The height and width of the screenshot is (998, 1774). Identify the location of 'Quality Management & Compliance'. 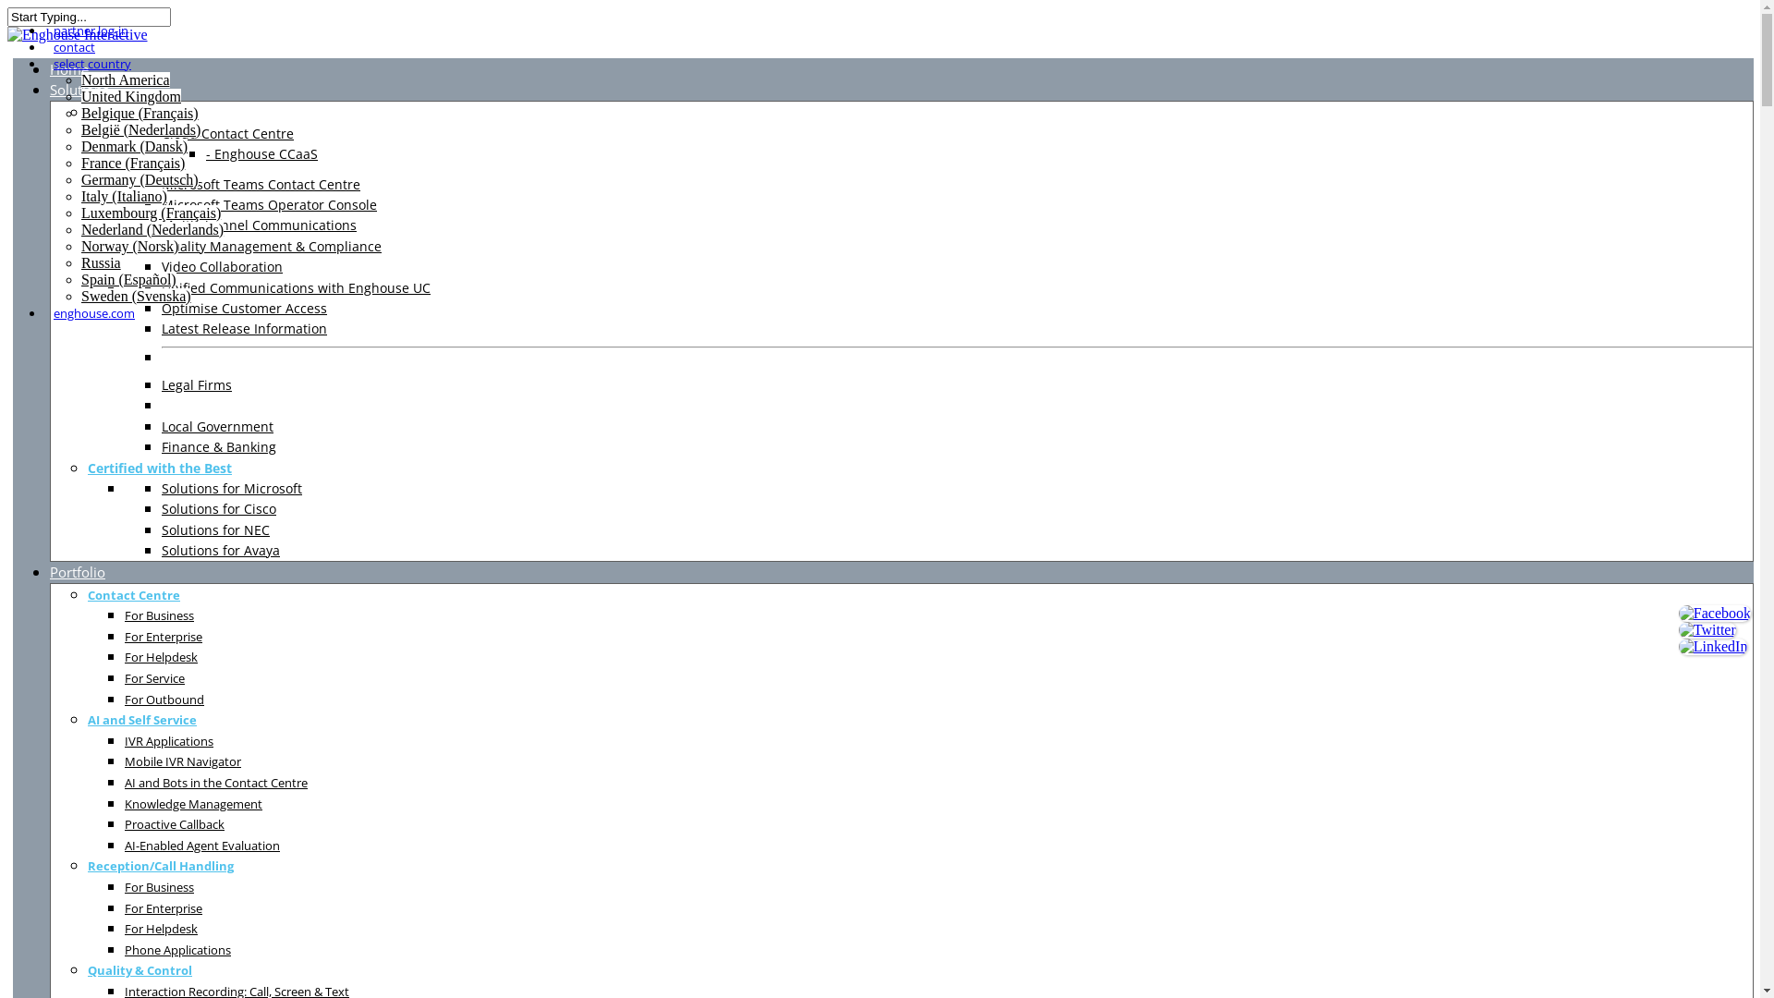
(161, 245).